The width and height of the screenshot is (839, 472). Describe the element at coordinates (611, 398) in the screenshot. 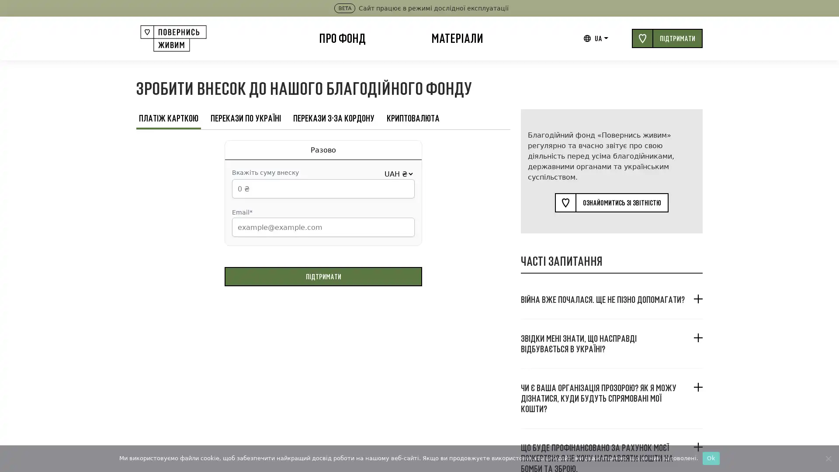

I see `?    ,     ?` at that location.